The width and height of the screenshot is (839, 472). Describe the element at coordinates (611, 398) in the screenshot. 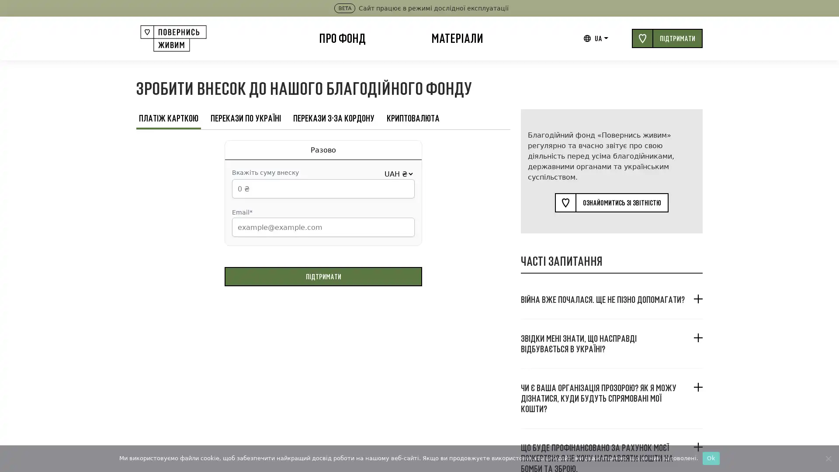

I see `?    ,     ?` at that location.